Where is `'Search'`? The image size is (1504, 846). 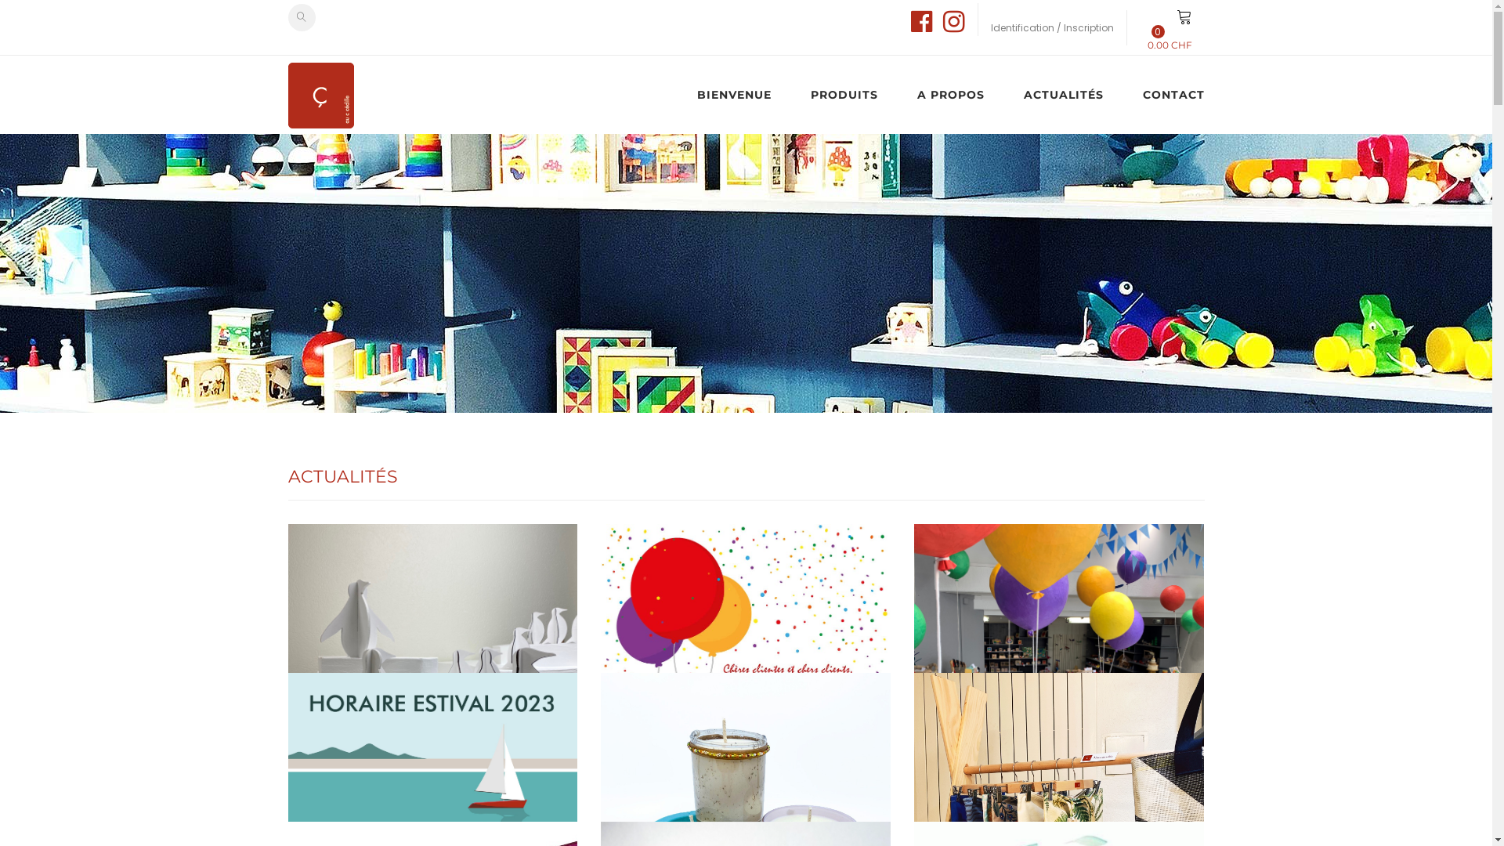 'Search' is located at coordinates (302, 17).